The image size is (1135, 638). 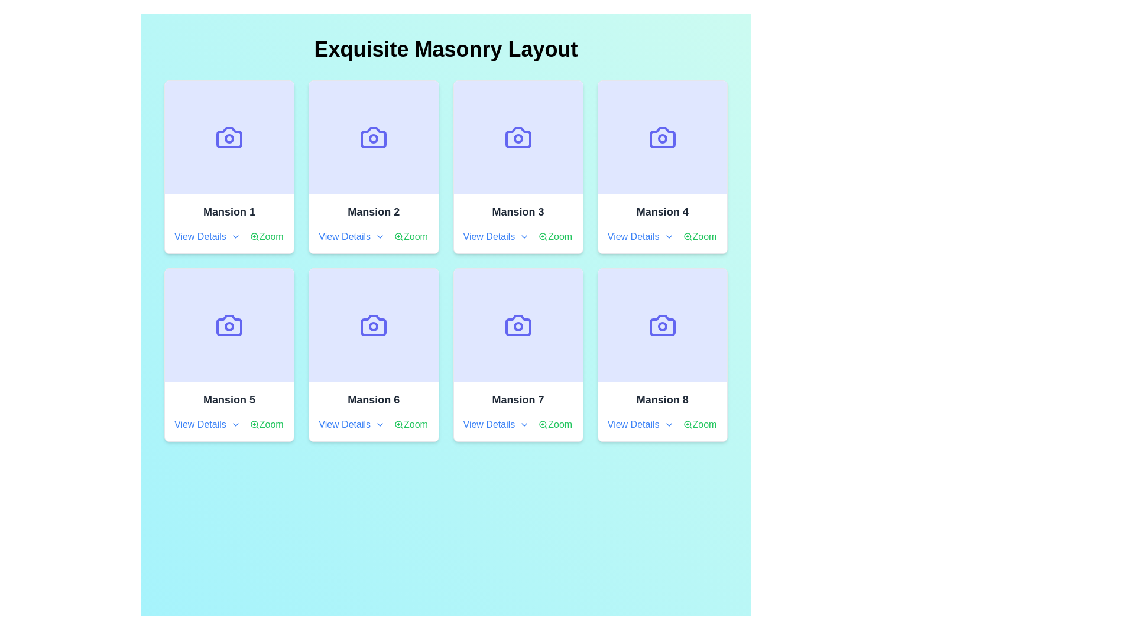 What do you see at coordinates (640, 424) in the screenshot?
I see `the 'View Details' link located at the bottom-left of the eighth card in the grid layout` at bounding box center [640, 424].